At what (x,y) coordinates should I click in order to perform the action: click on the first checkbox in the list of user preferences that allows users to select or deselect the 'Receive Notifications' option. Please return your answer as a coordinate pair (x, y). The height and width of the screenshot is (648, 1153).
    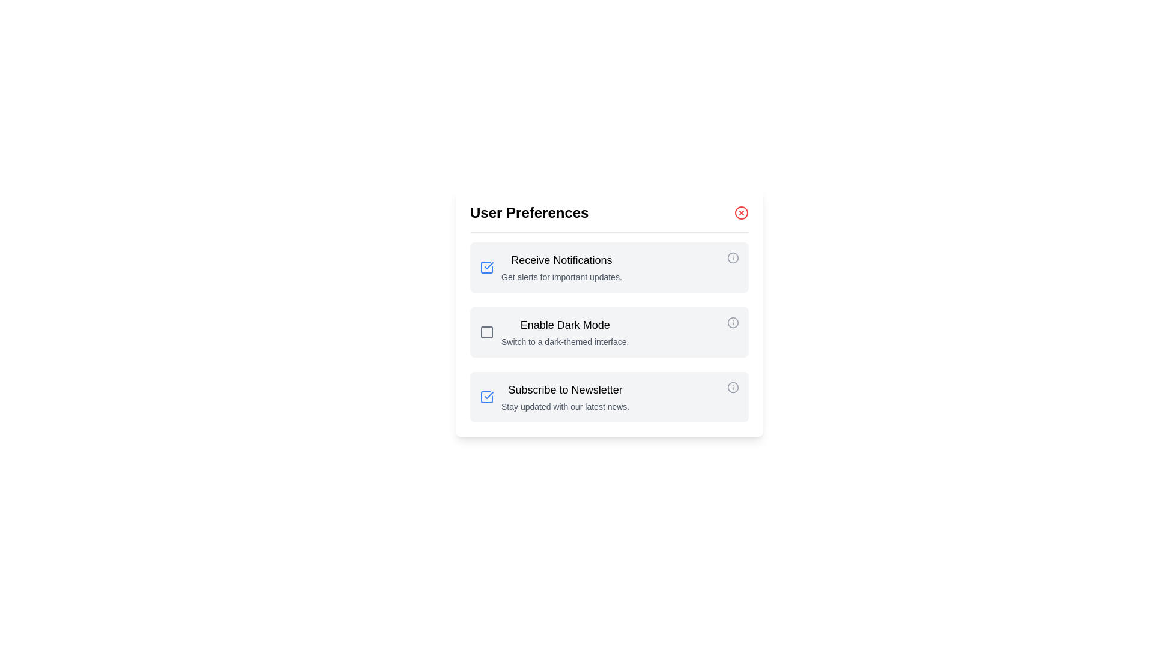
    Looking at the image, I should click on (487, 267).